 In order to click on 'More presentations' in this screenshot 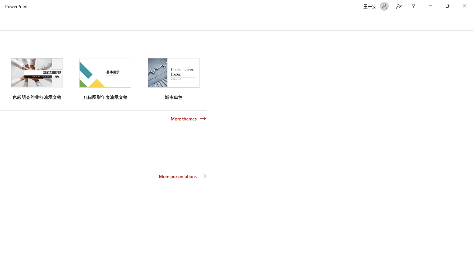, I will do `click(183, 176)`.